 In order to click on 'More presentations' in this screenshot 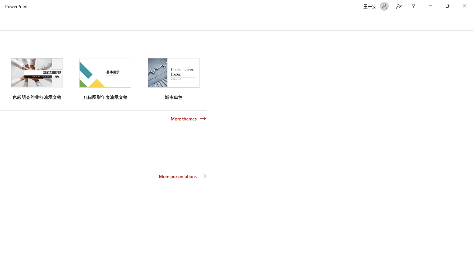, I will do `click(183, 176)`.